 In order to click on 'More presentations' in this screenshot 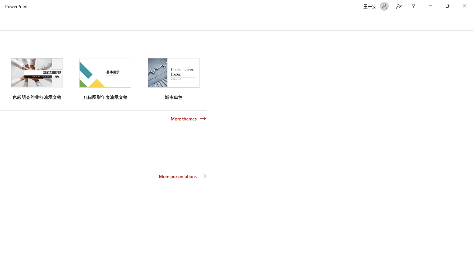, I will do `click(183, 176)`.